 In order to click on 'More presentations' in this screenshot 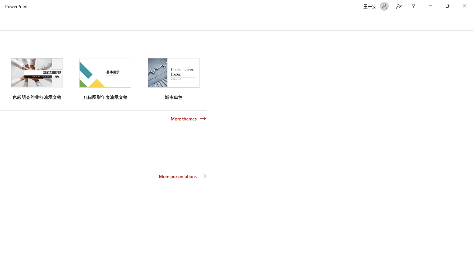, I will do `click(183, 176)`.